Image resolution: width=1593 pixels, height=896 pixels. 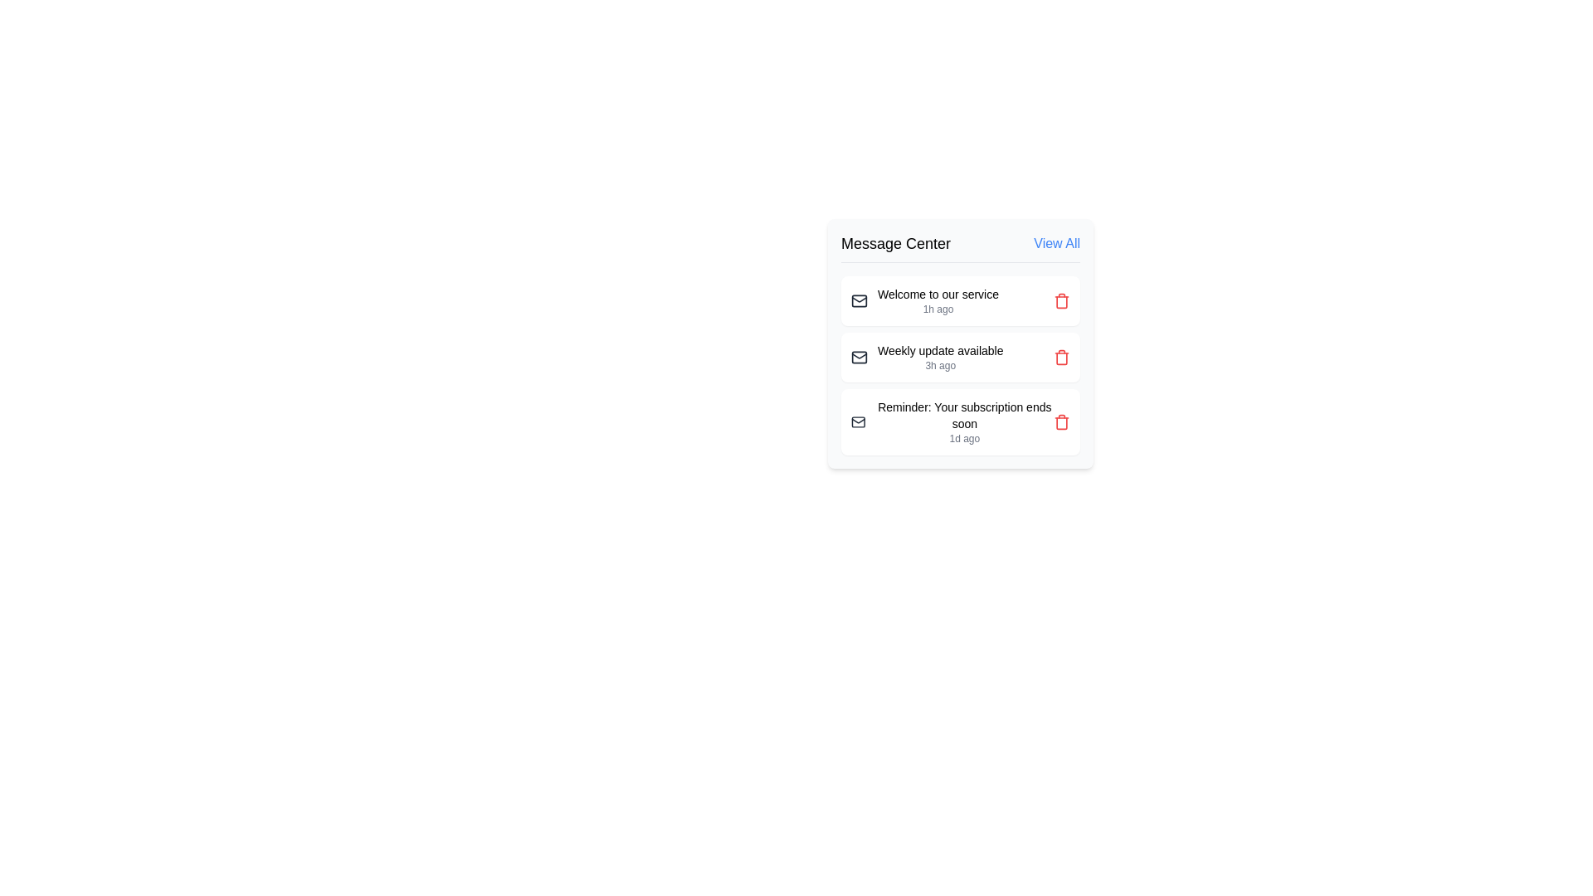 I want to click on the welcome message text label located in the first notification entry of the 'Message Center', so click(x=938, y=293).